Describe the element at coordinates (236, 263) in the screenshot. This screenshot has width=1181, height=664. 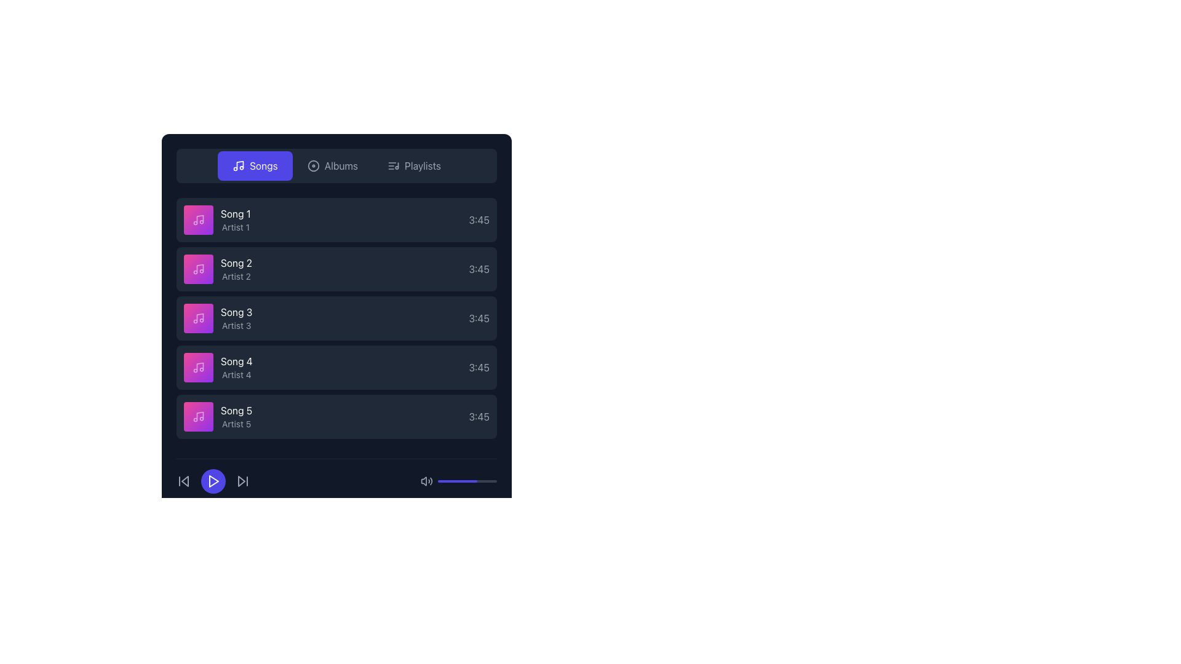
I see `the text label displaying 'Song 2' in white font color, located in the music library interface, which is the first line of text in the second row` at that location.